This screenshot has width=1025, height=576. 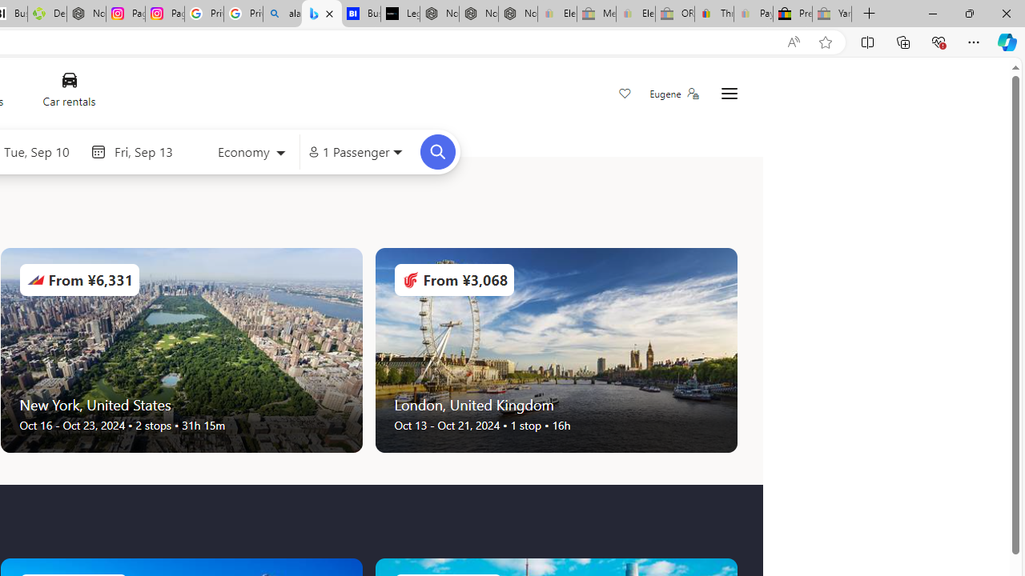 What do you see at coordinates (46, 14) in the screenshot?
I see `'Descarga Driver Updater'` at bounding box center [46, 14].